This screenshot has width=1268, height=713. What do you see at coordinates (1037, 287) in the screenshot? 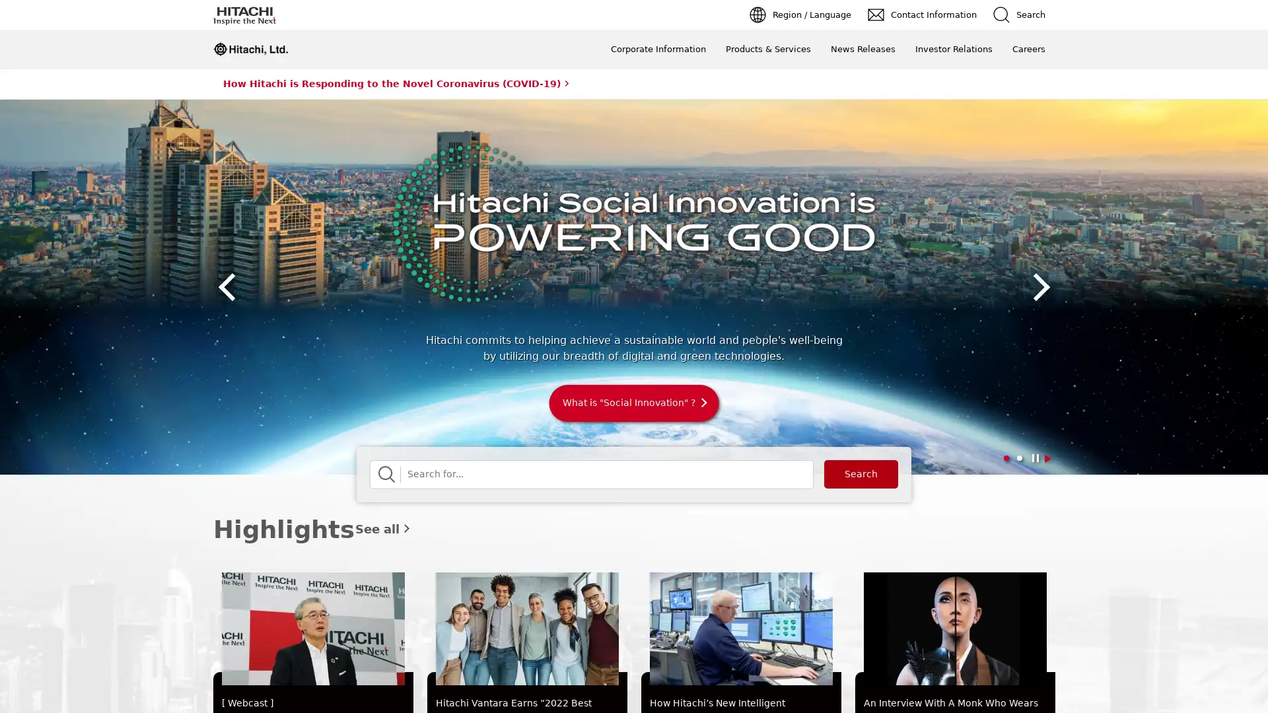
I see `Next` at bounding box center [1037, 287].